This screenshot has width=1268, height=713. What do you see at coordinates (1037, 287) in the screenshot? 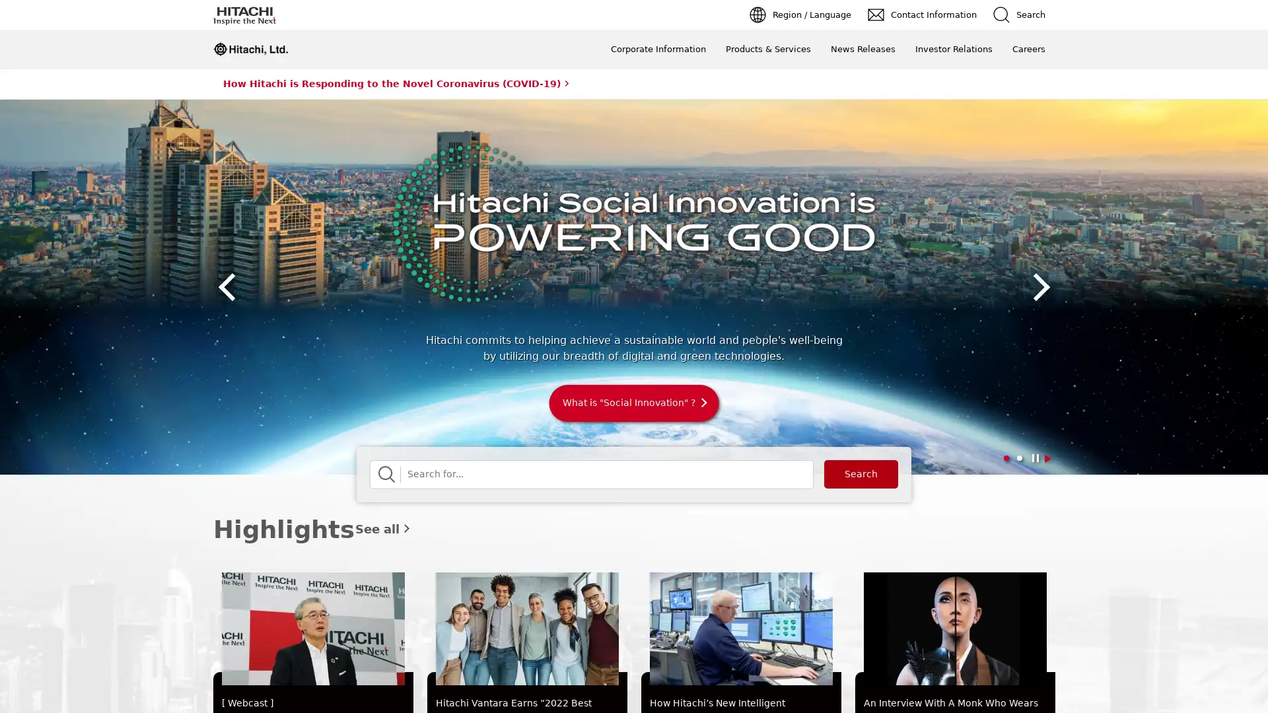
I see `Next` at bounding box center [1037, 287].